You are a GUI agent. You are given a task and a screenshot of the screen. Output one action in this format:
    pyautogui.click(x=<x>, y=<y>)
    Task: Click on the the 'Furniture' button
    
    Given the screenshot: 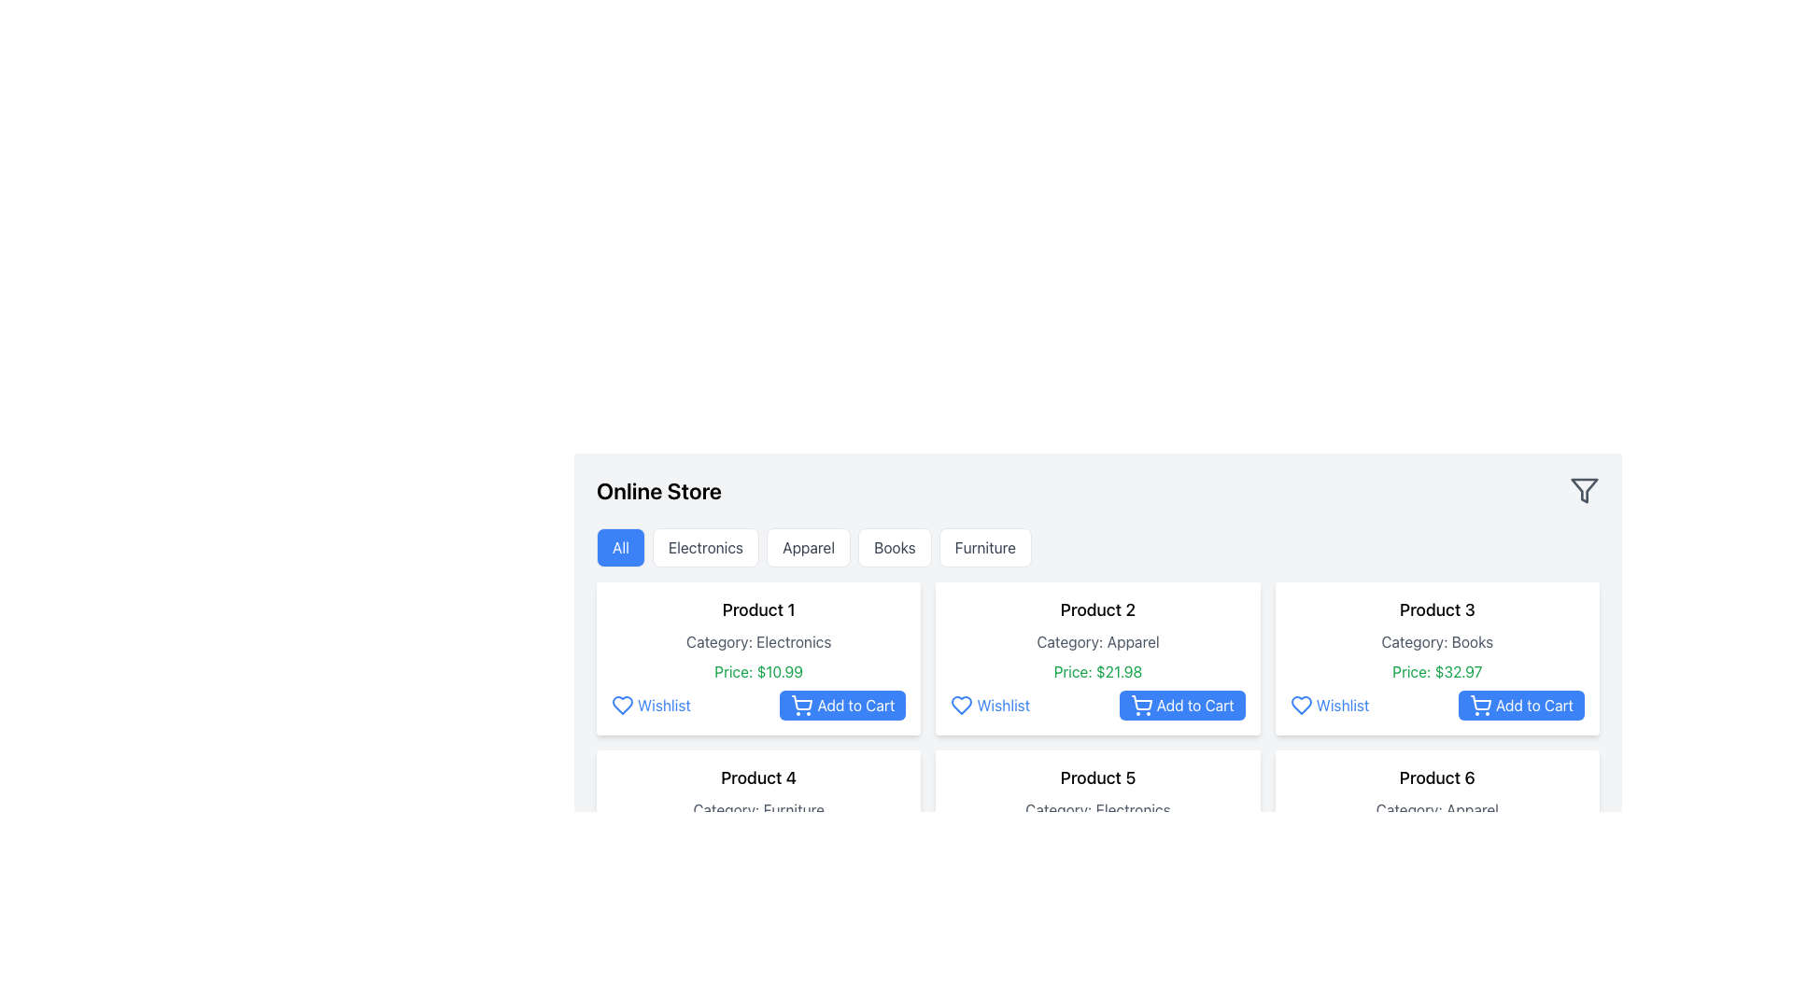 What is the action you would take?
    pyautogui.click(x=984, y=546)
    